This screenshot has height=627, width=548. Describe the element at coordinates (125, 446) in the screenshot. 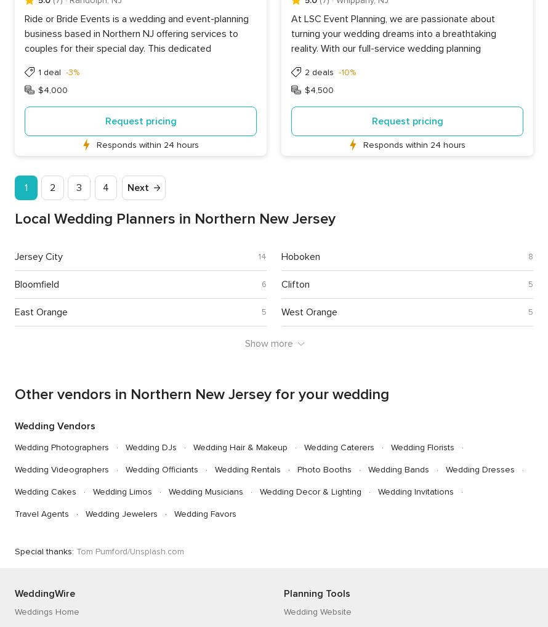

I see `'Wedding DJs'` at that location.